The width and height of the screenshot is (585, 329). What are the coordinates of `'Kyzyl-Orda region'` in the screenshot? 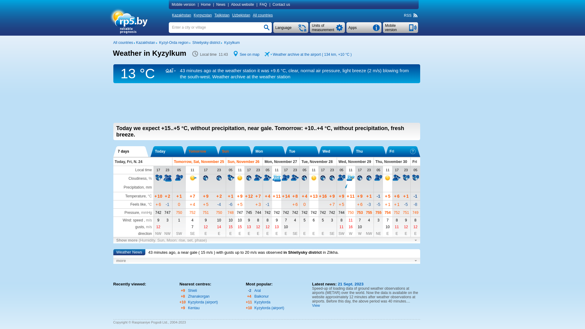 It's located at (173, 42).